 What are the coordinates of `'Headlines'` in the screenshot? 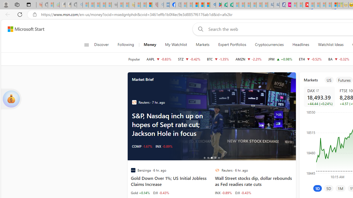 It's located at (301, 45).